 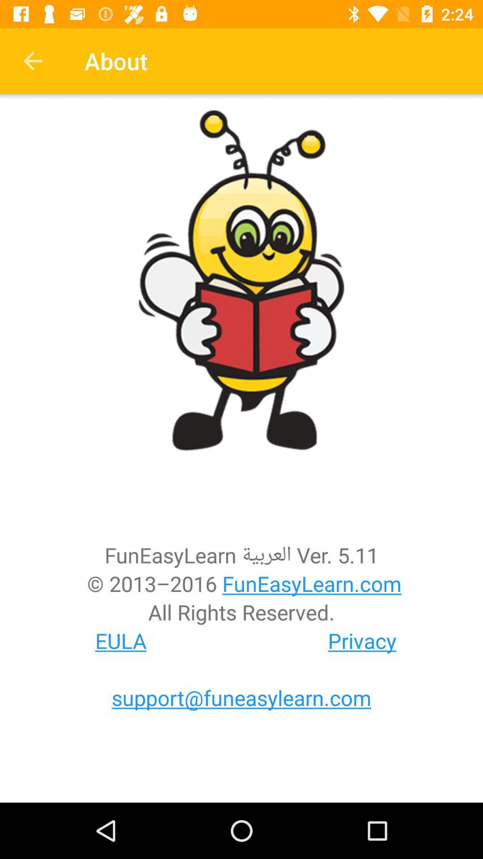 I want to click on item to the left of about item, so click(x=32, y=60).